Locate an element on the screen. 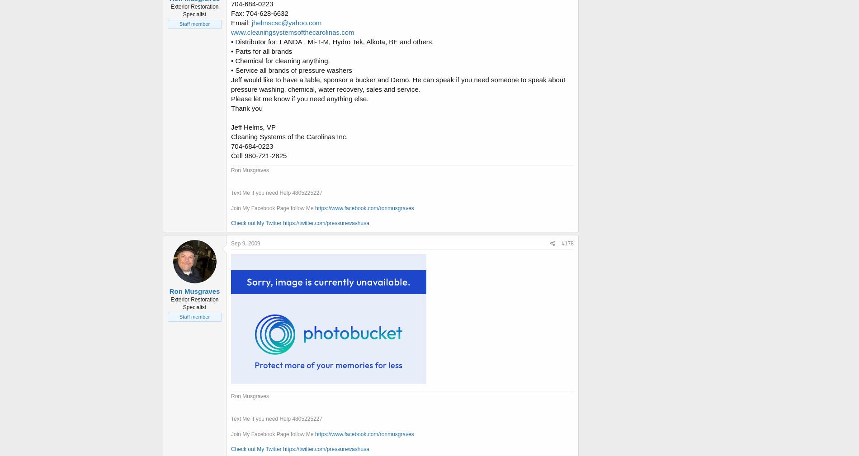 Image resolution: width=859 pixels, height=456 pixels. '•         Parts for all brands' is located at coordinates (261, 50).